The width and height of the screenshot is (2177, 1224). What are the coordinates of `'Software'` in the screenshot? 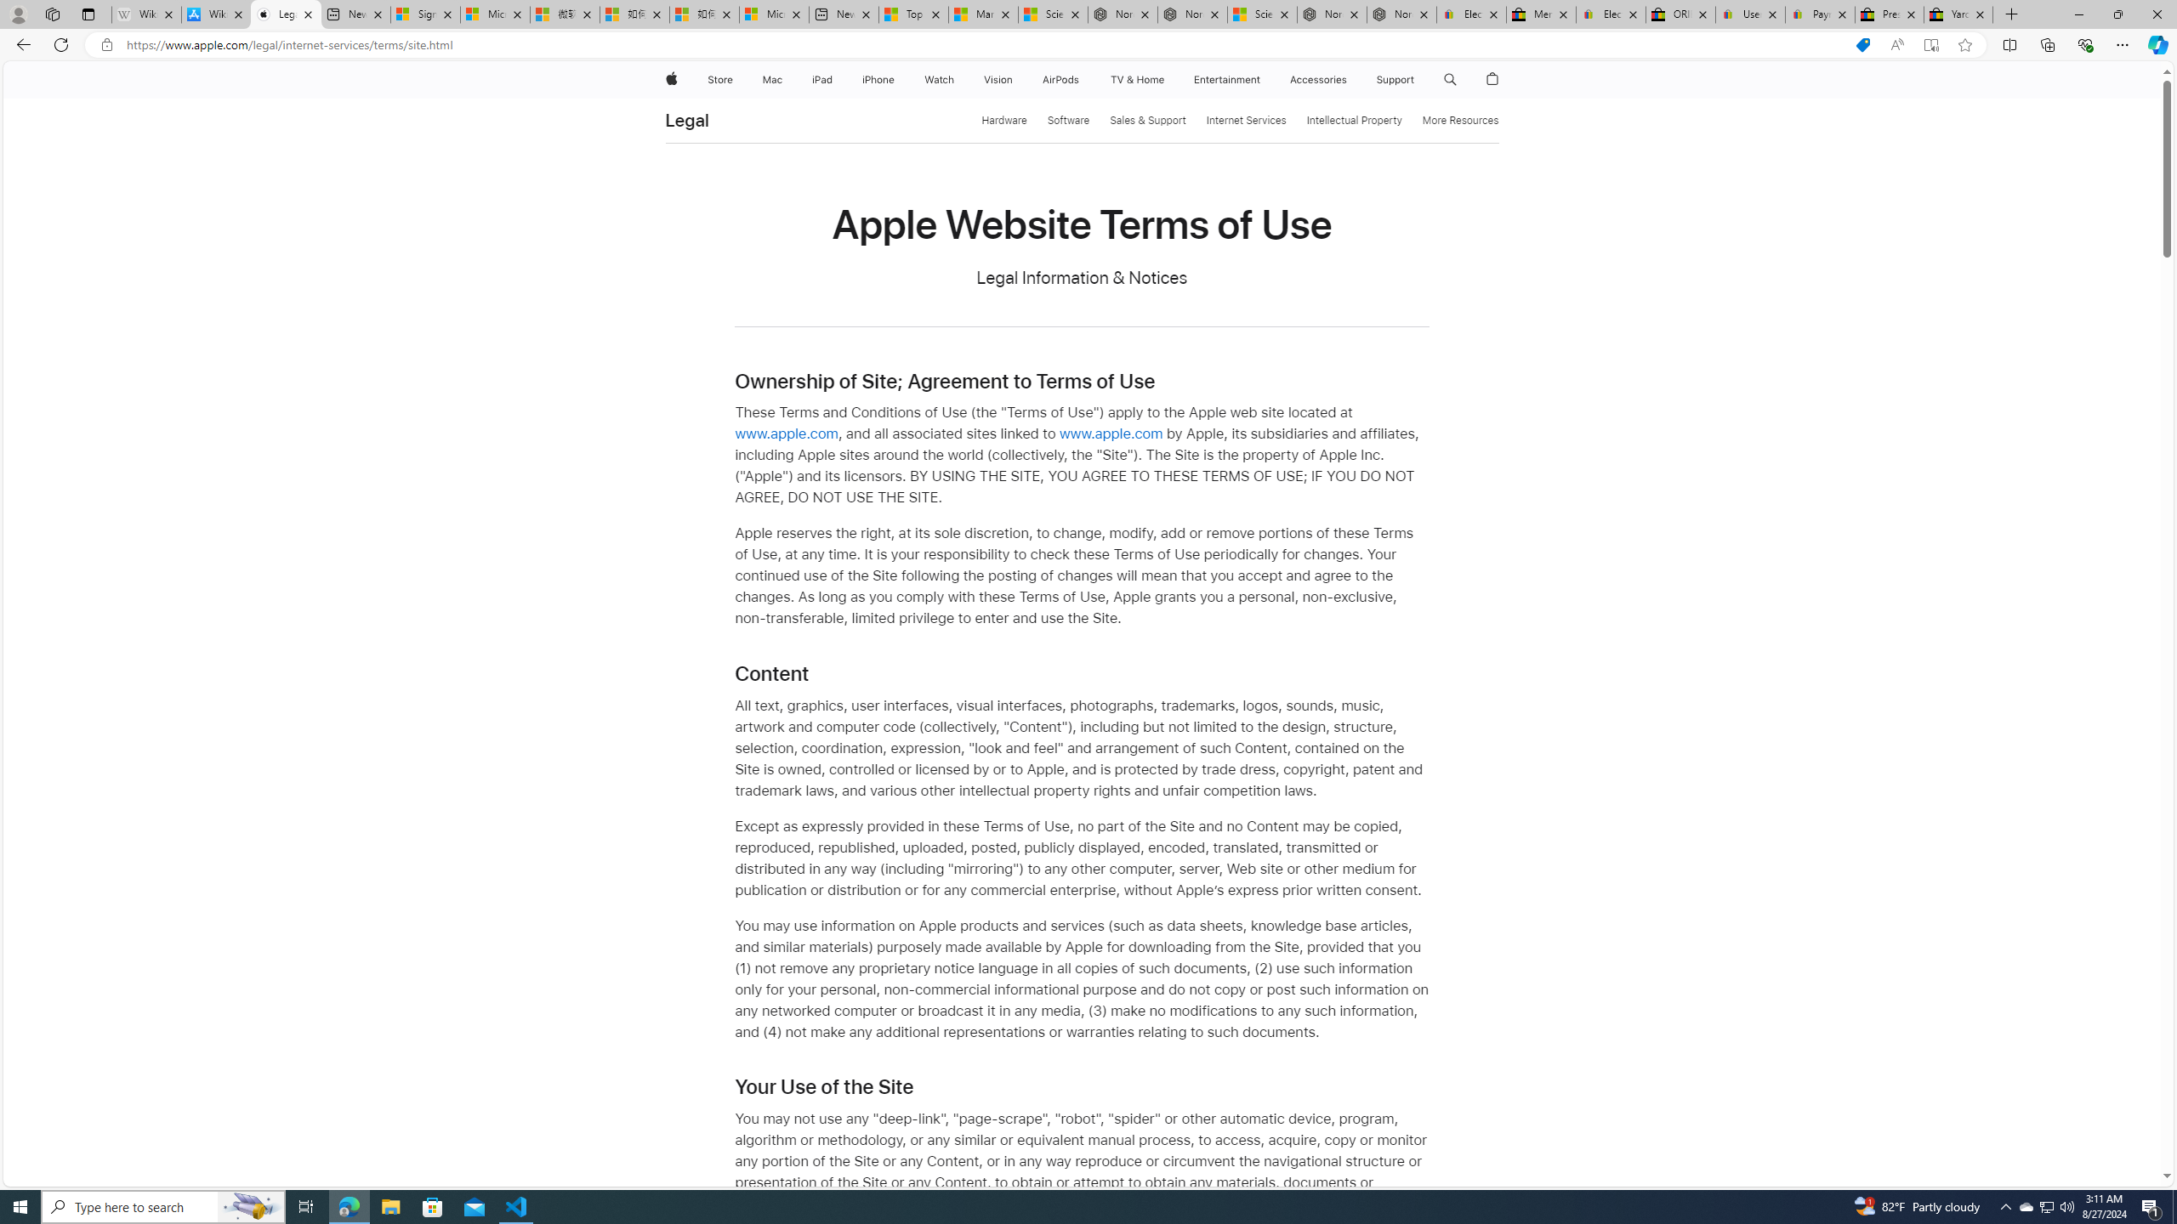 It's located at (1067, 120).